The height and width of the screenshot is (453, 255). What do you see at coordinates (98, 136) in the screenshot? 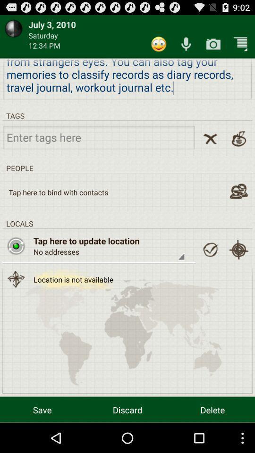
I see `tags` at bounding box center [98, 136].